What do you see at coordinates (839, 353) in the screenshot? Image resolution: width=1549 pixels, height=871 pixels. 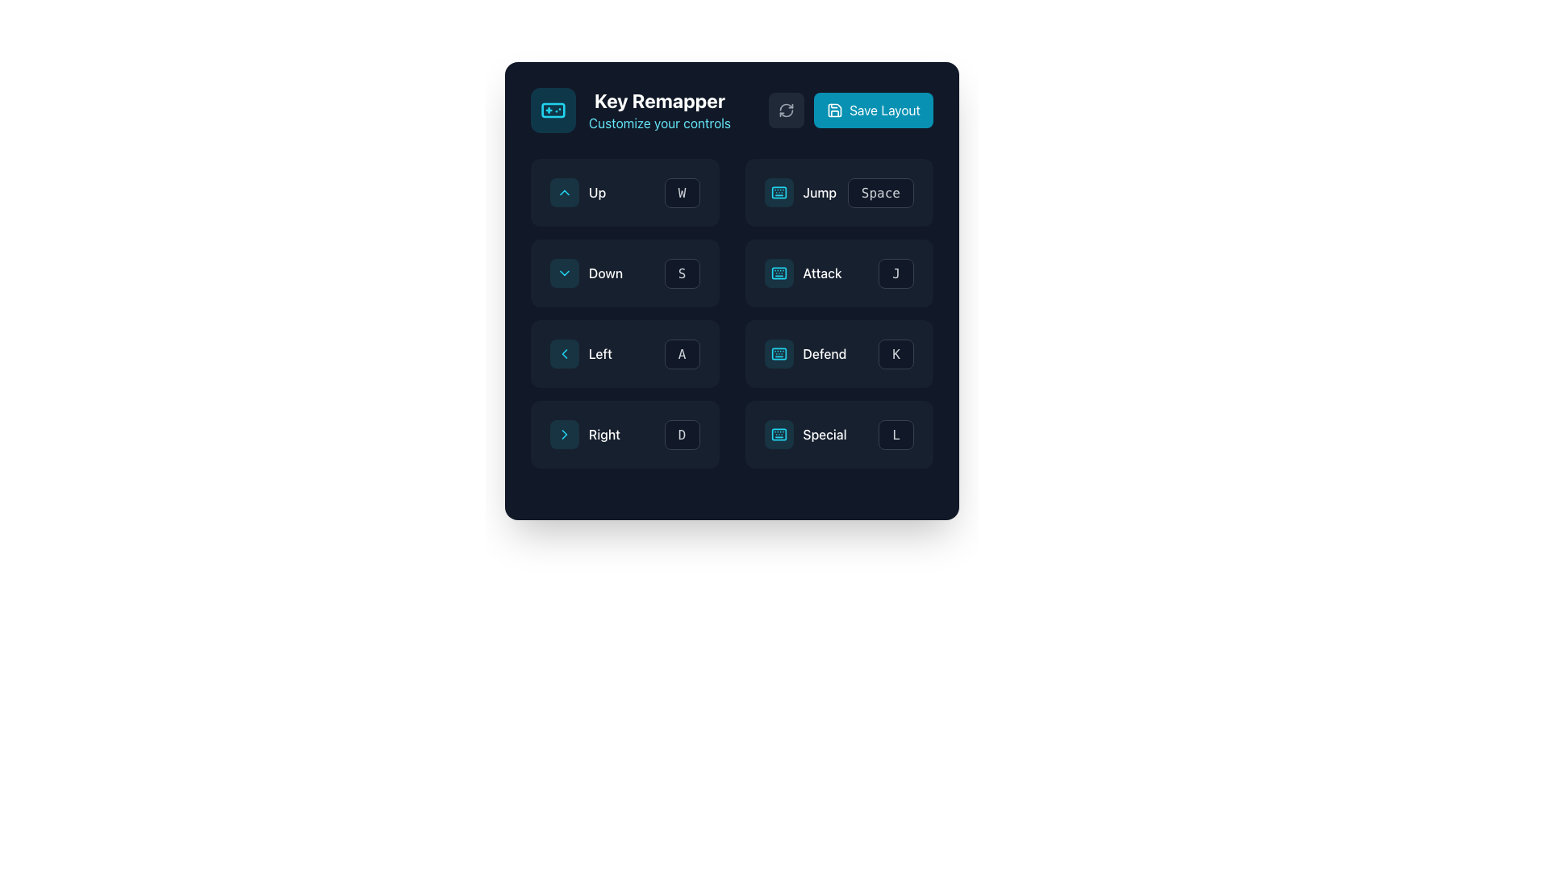 I see `the 'Defend' button` at bounding box center [839, 353].